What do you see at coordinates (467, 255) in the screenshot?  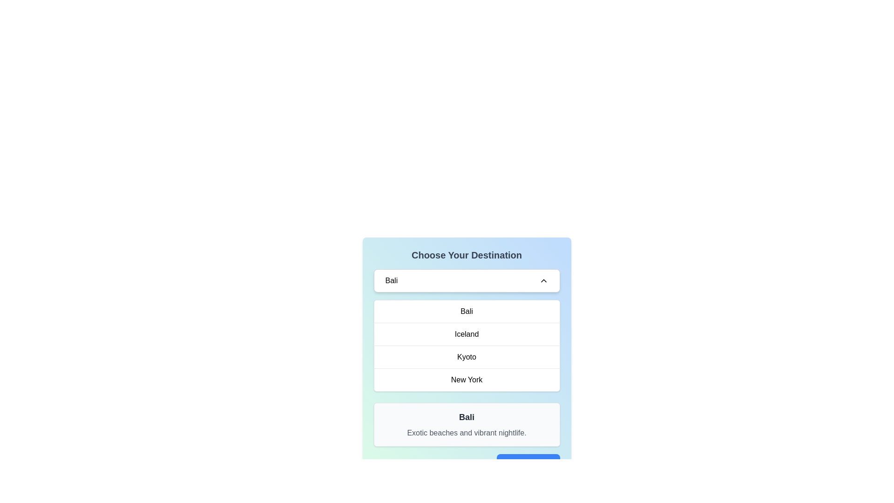 I see `the text element 'Choose Your Destination'` at bounding box center [467, 255].